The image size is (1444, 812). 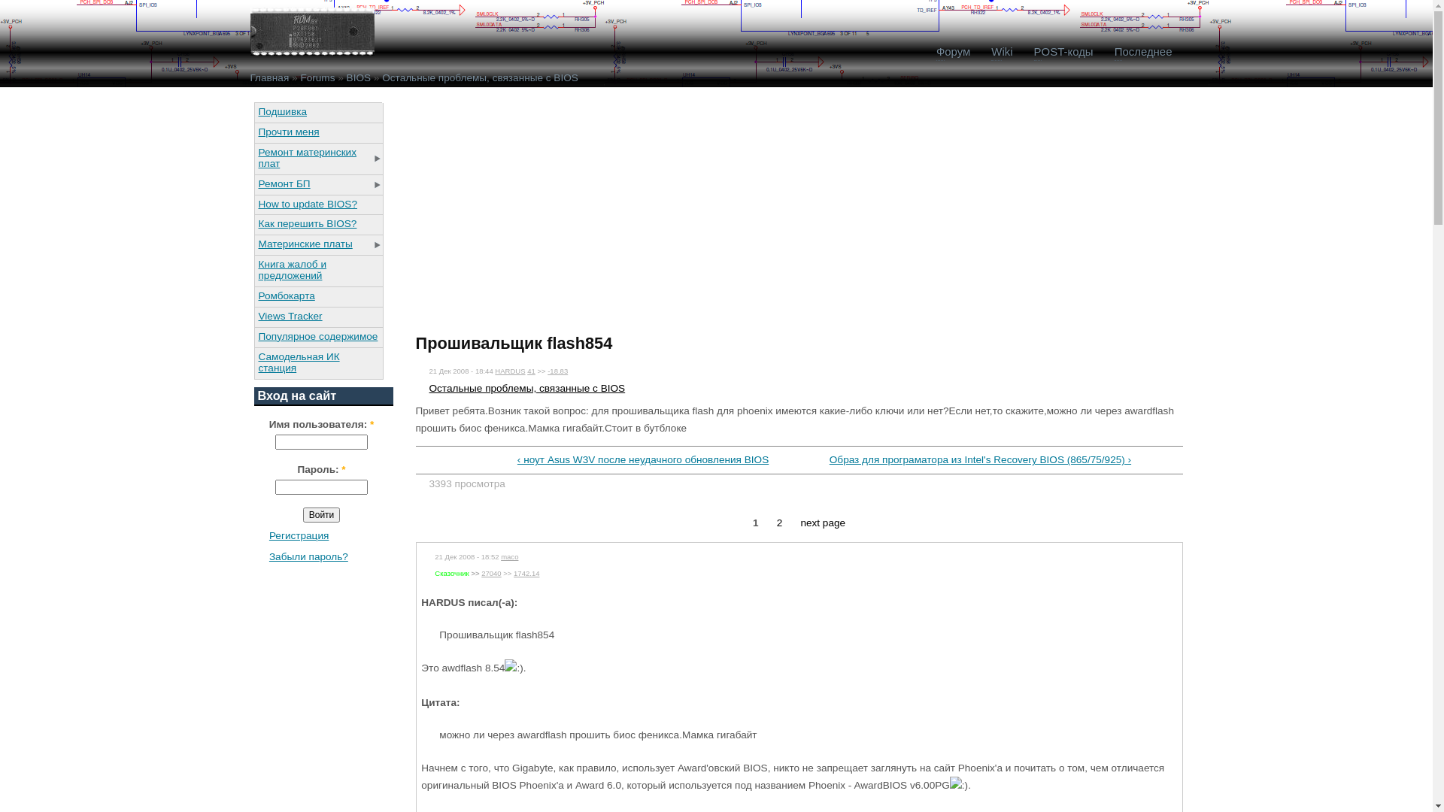 I want to click on '27040', so click(x=480, y=573).